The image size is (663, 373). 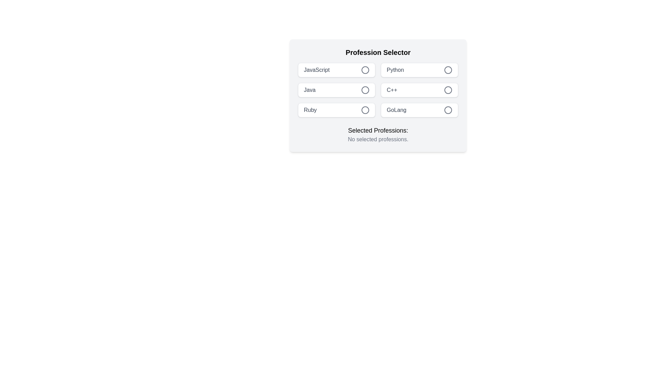 What do you see at coordinates (419, 90) in the screenshot?
I see `the selectable option for the programming language C++ located in the second row, second column of the grid` at bounding box center [419, 90].